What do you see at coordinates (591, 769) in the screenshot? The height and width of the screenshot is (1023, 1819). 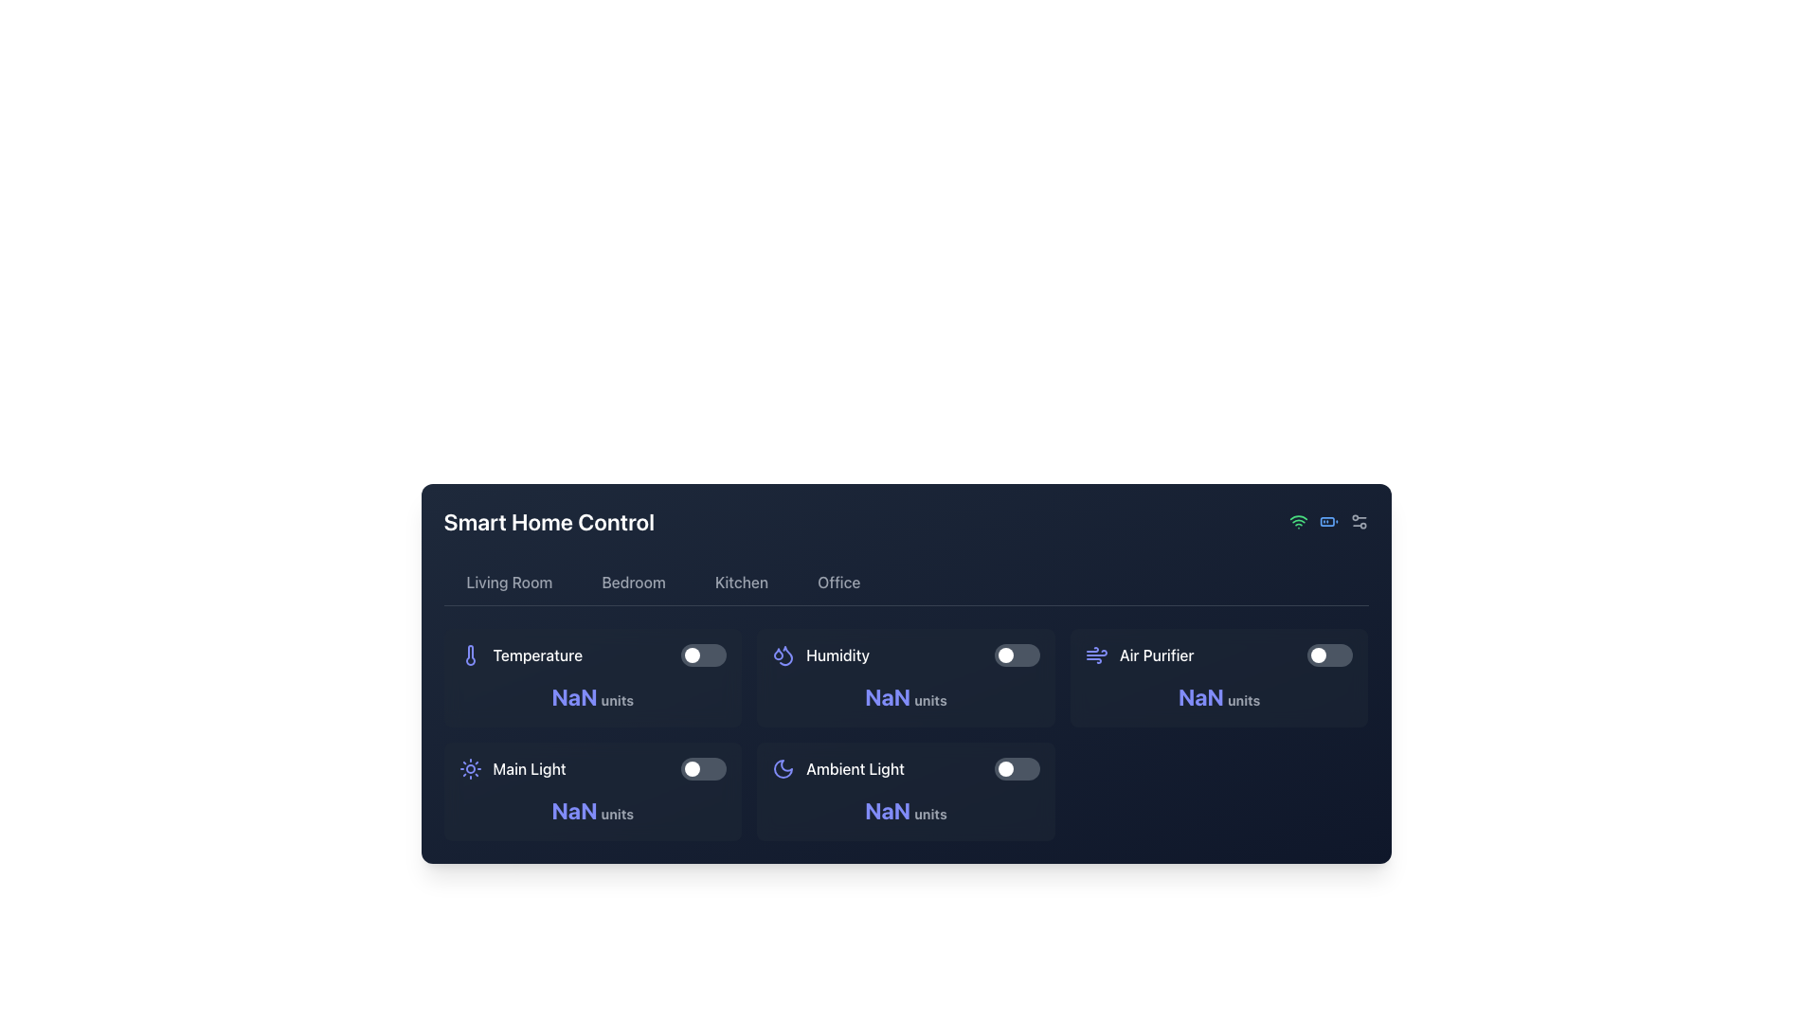 I see `the toggle switch labeled 'Main Light' to change its state` at bounding box center [591, 769].